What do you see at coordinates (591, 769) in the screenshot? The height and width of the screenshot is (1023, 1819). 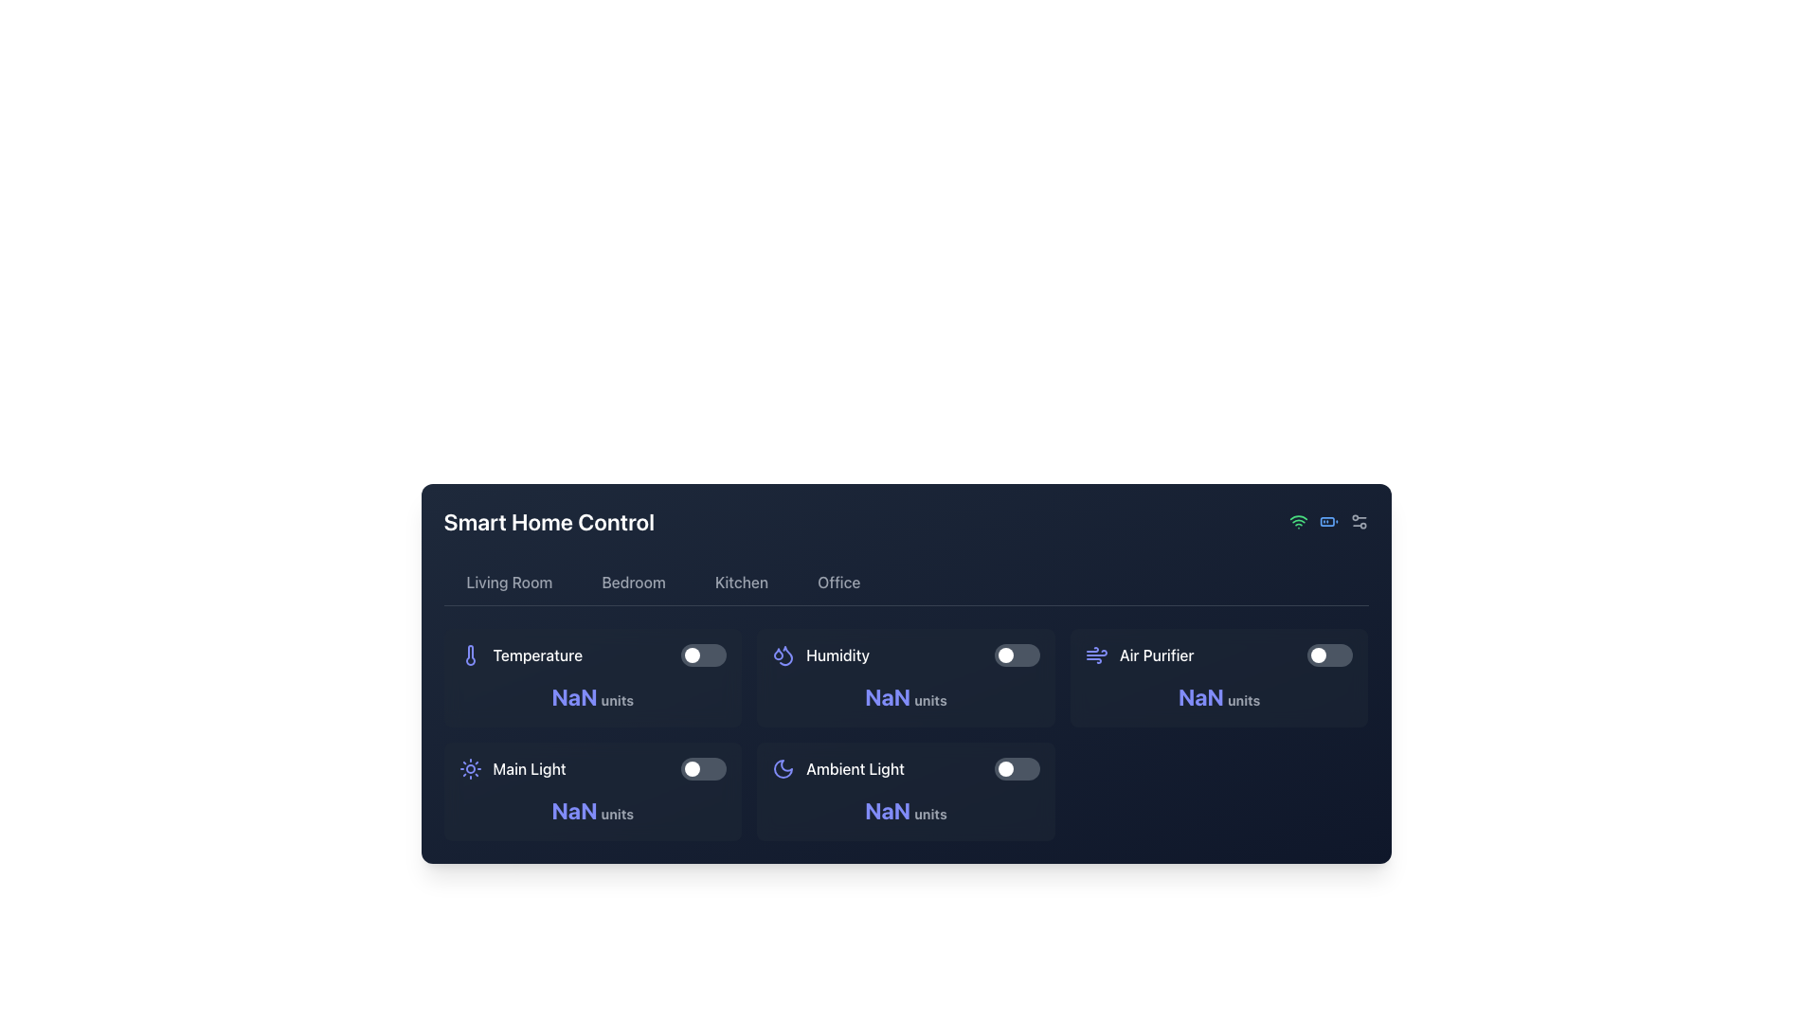 I see `the toggle switch labeled 'Main Light' to change its state` at bounding box center [591, 769].